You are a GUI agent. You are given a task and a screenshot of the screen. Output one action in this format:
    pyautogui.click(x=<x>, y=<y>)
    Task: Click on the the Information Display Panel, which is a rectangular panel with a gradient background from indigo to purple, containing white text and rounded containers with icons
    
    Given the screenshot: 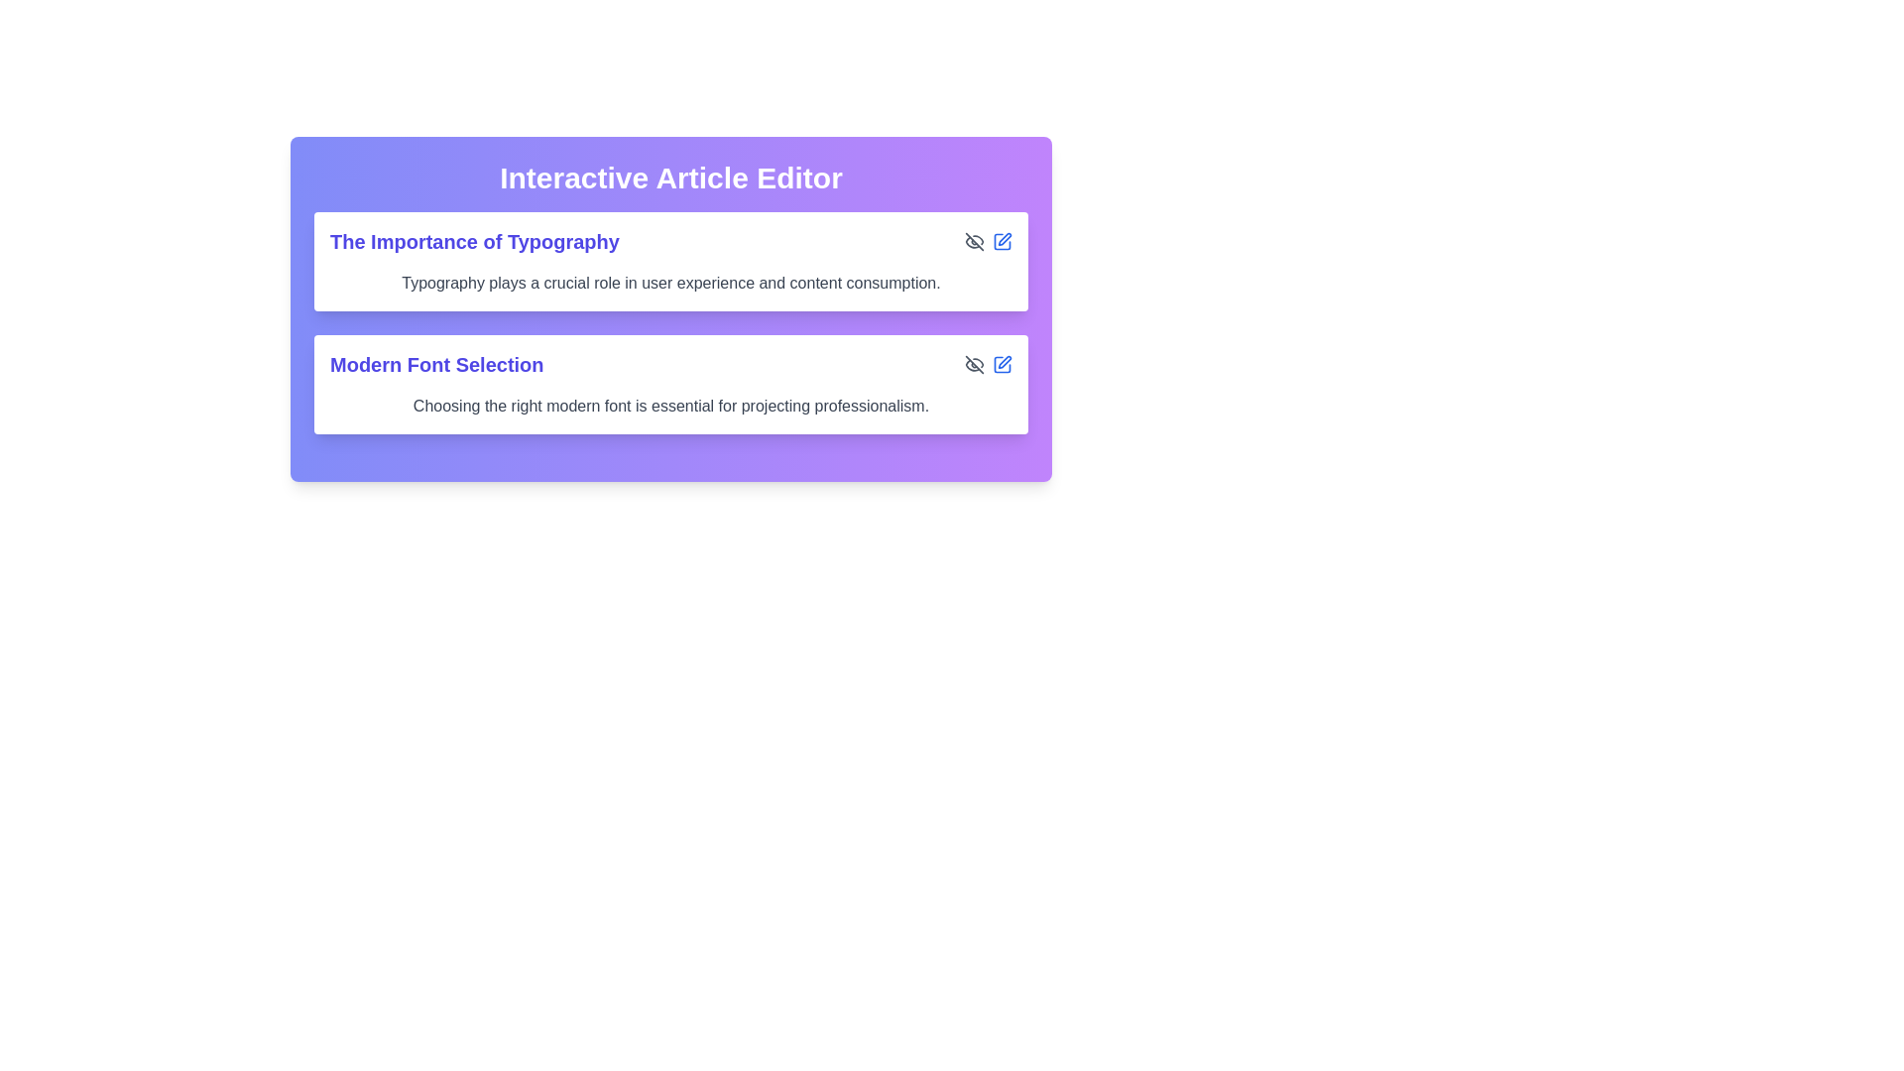 What is the action you would take?
    pyautogui.click(x=670, y=309)
    